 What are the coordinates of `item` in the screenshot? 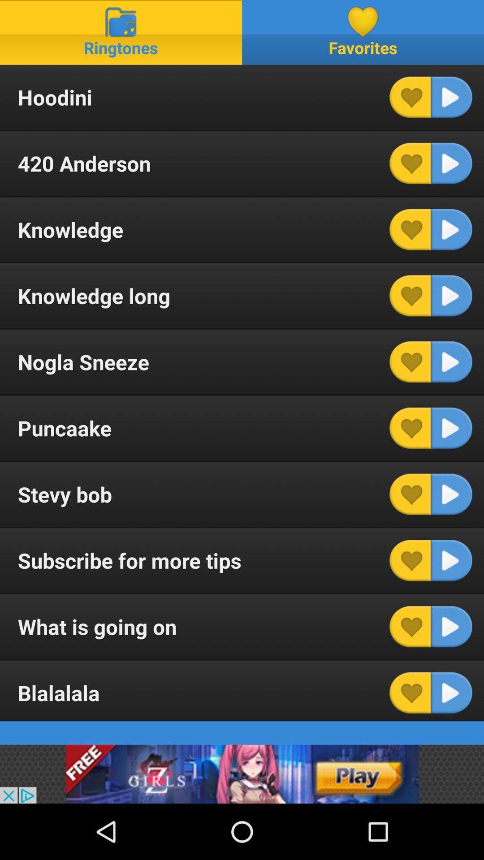 It's located at (410, 626).